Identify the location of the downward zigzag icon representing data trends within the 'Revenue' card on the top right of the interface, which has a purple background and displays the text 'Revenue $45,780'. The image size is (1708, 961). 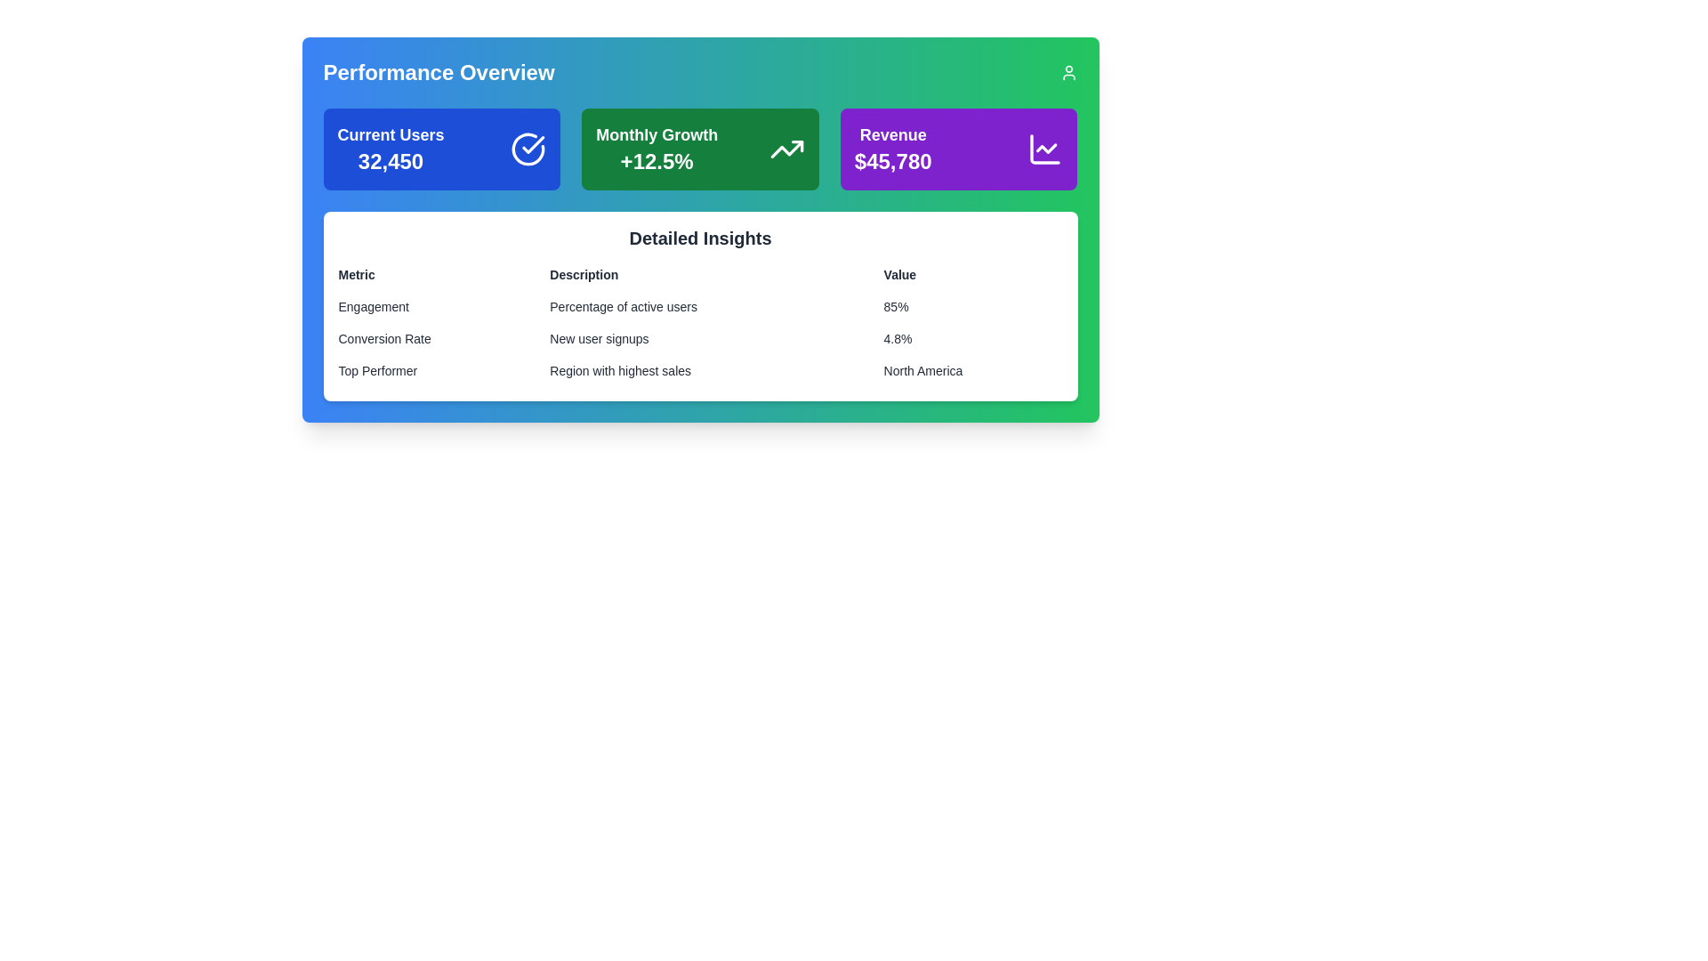
(1047, 148).